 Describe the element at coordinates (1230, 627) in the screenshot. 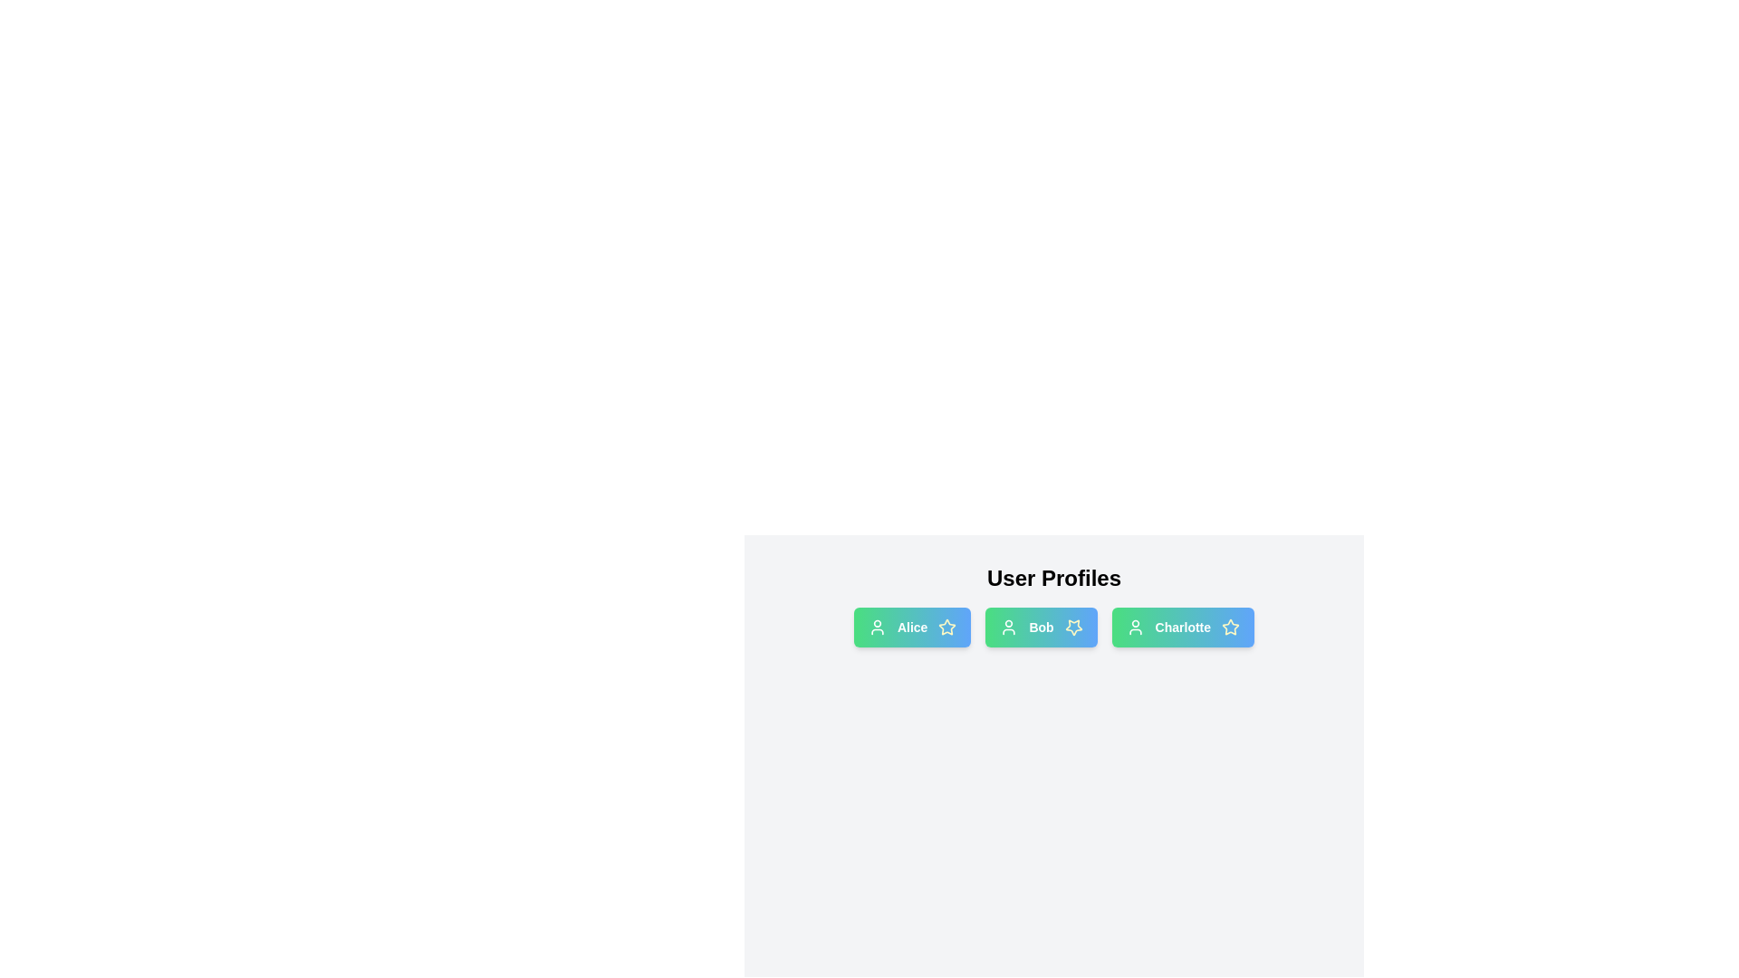

I see `the star icon of Charlotte to toggle their follow status` at that location.